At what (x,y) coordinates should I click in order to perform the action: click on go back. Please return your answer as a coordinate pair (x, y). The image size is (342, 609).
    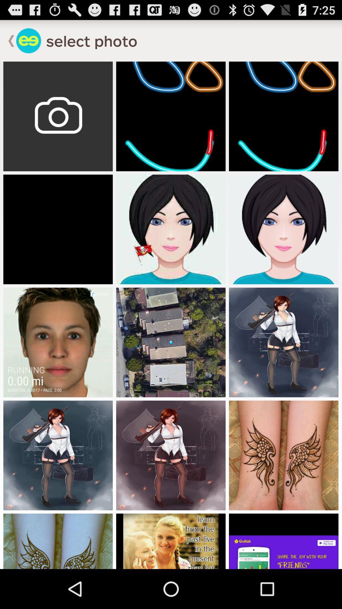
    Looking at the image, I should click on (28, 40).